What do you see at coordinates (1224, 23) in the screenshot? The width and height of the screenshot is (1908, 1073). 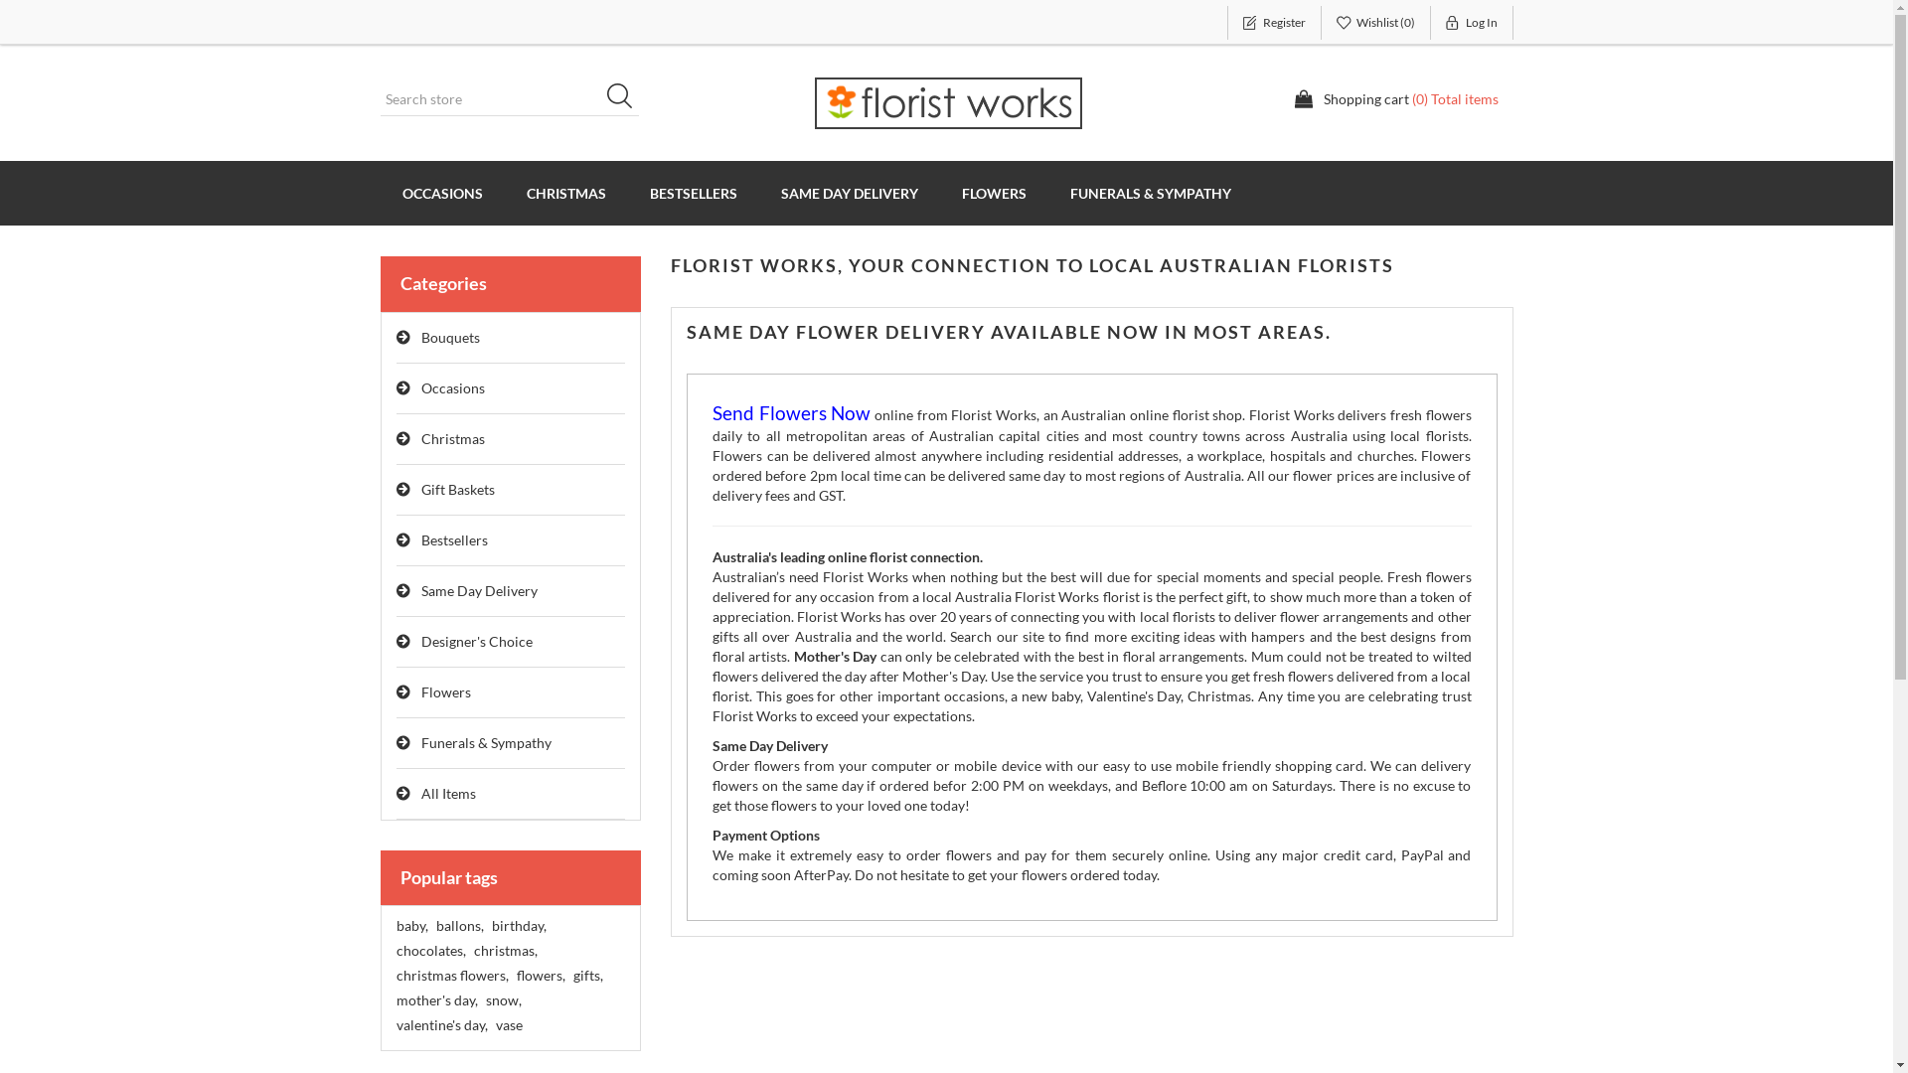 I see `'Register'` at bounding box center [1224, 23].